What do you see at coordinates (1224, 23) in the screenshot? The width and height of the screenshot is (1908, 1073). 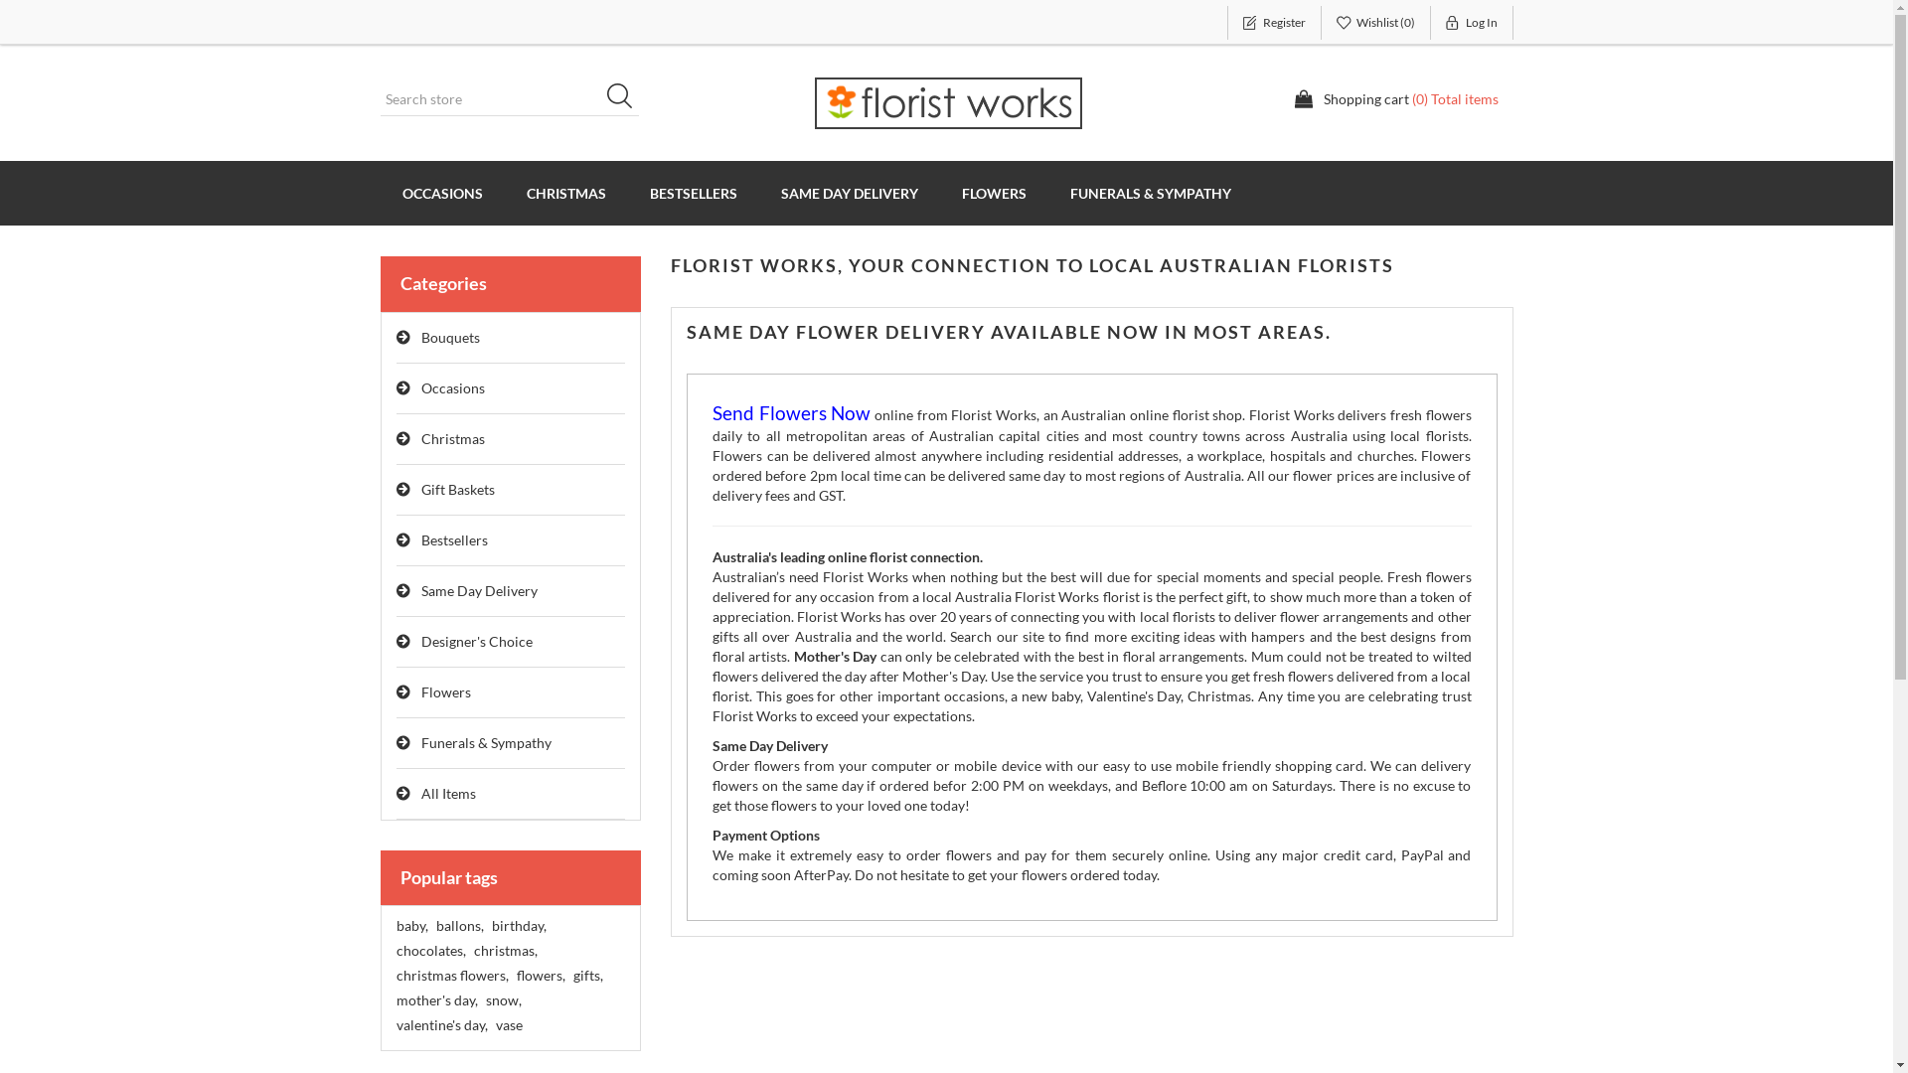 I see `'Register'` at bounding box center [1224, 23].